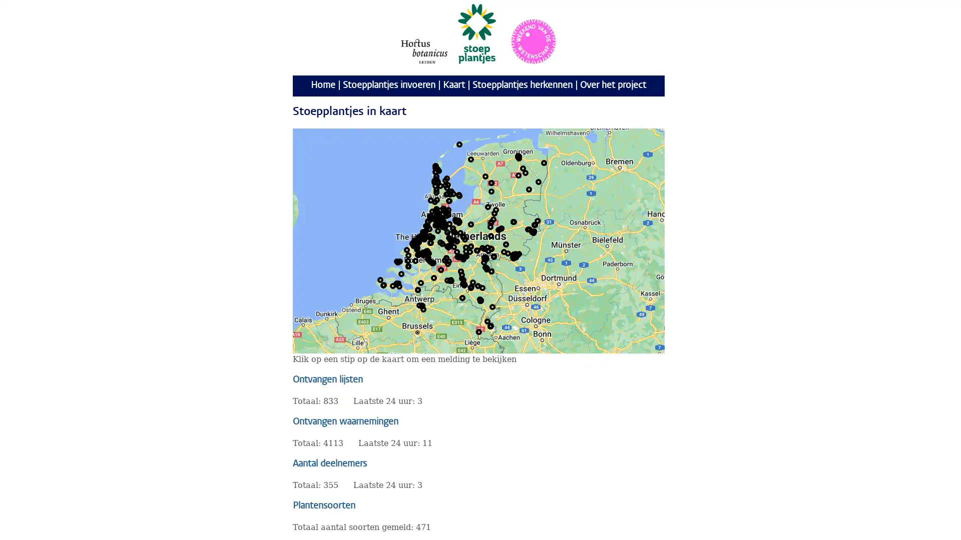 This screenshot has height=540, width=961. I want to click on Telling van Elma van der Raadt op 13 oktober 2021, so click(440, 241).